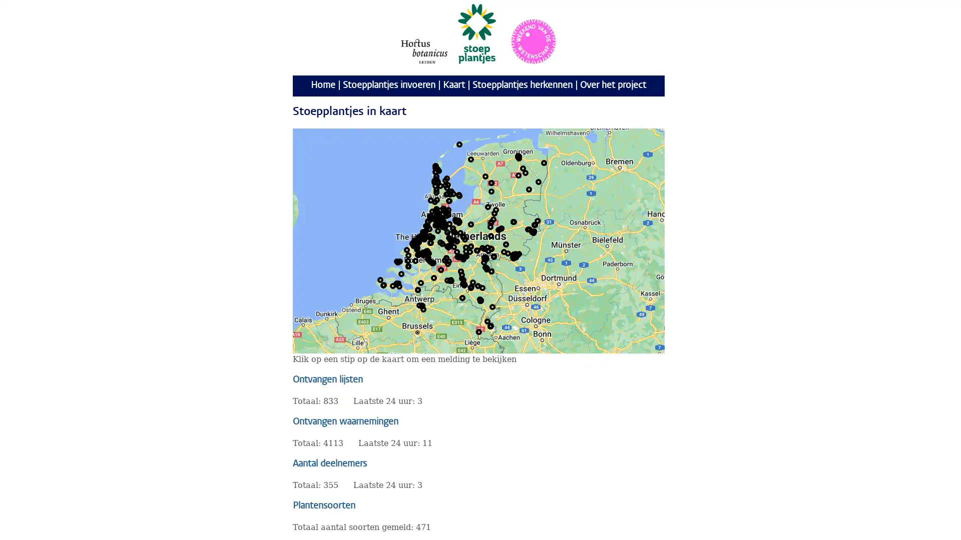 This screenshot has height=540, width=961. I want to click on Telling van Elma van der Raadt op 13 oktober 2021, so click(440, 241).